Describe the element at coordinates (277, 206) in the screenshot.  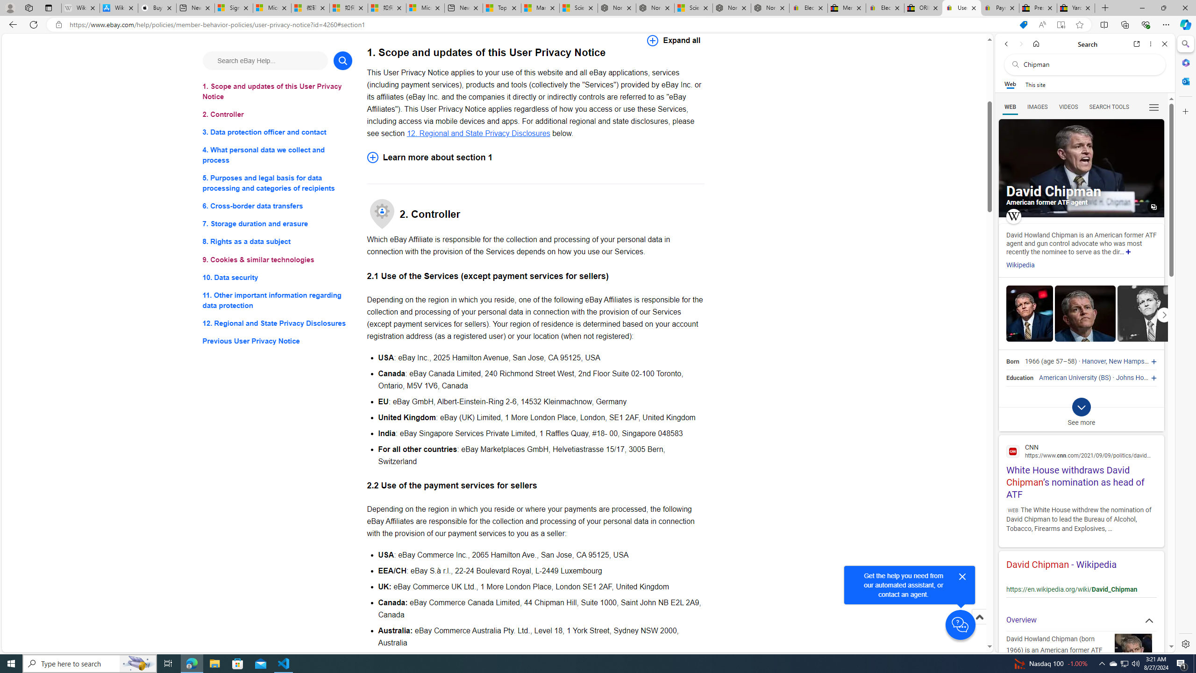
I see `'6. Cross-border data transfers'` at that location.